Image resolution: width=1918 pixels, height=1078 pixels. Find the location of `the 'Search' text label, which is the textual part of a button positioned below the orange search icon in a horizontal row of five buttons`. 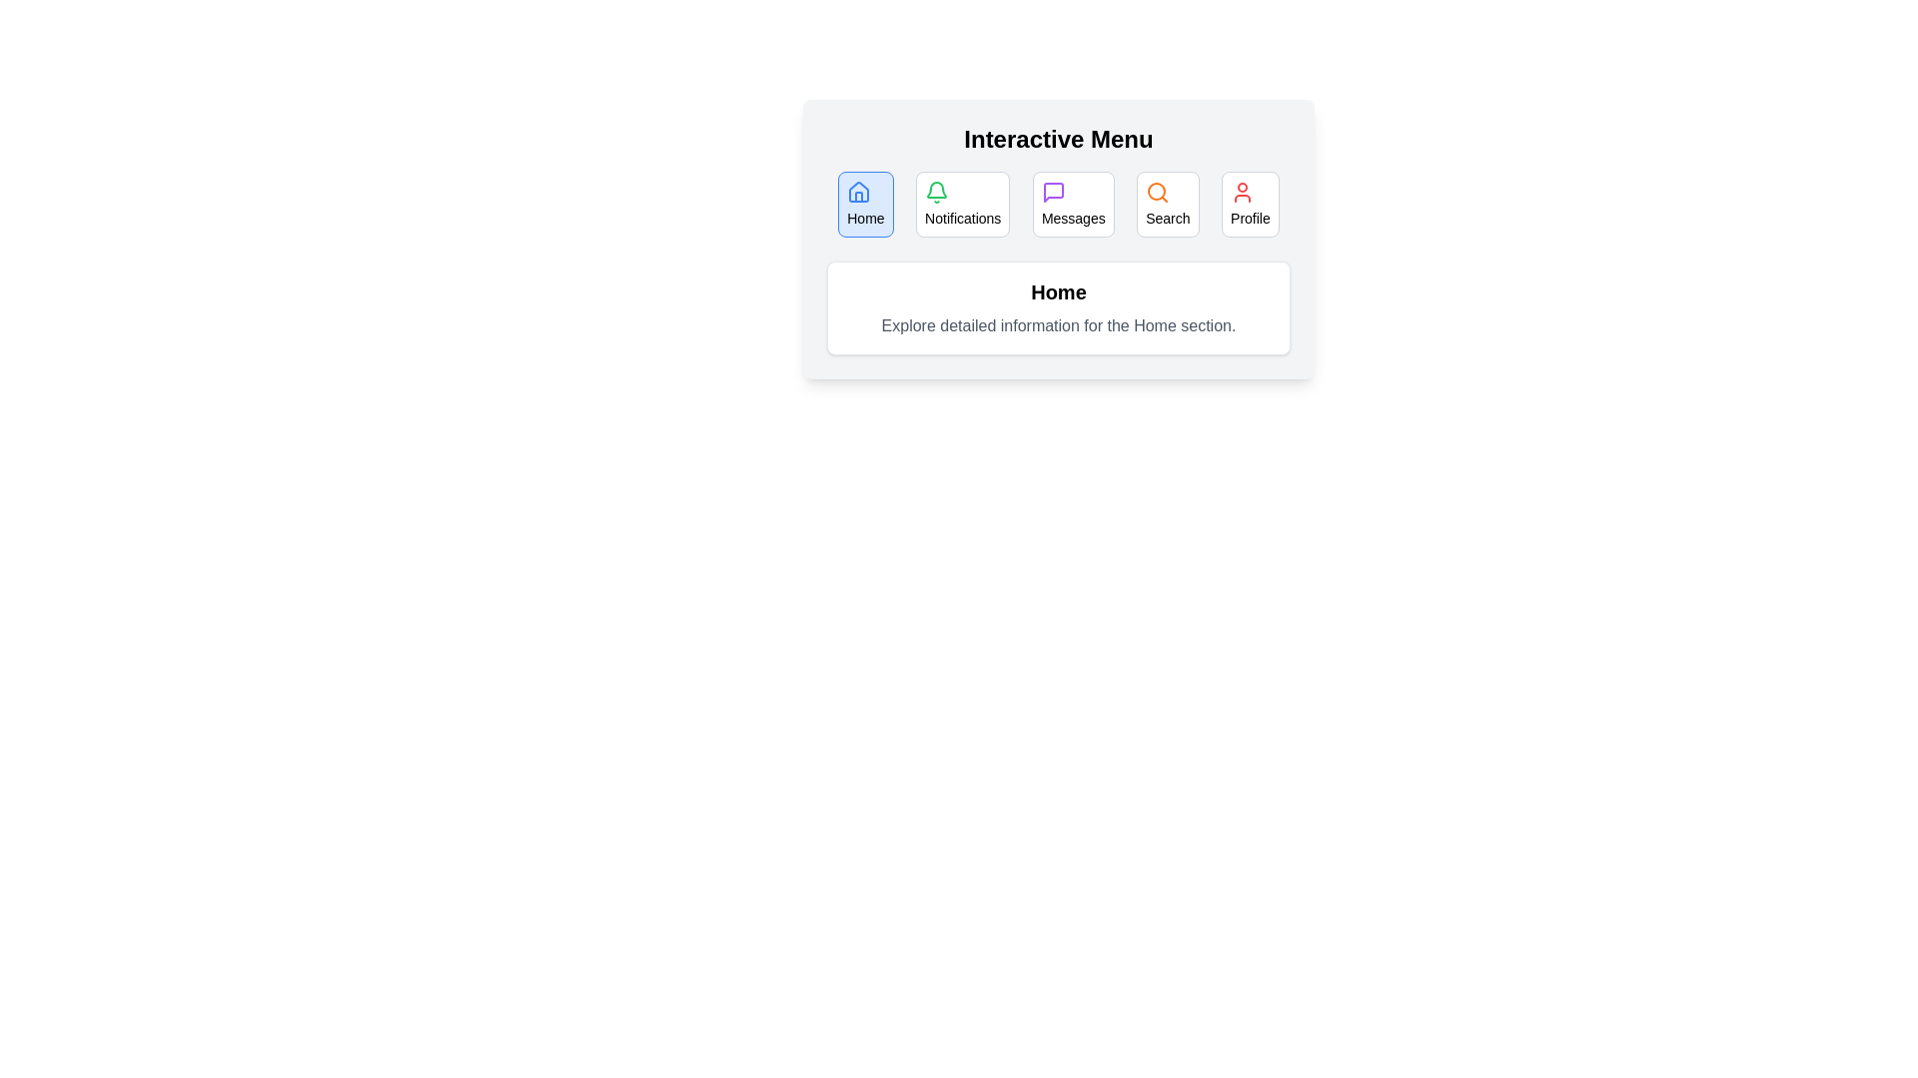

the 'Search' text label, which is the textual part of a button positioned below the orange search icon in a horizontal row of five buttons is located at coordinates (1168, 219).